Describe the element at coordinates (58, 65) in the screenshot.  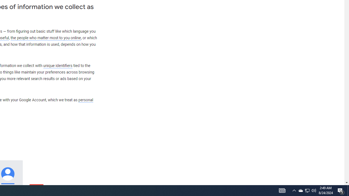
I see `'unique identifiers'` at that location.